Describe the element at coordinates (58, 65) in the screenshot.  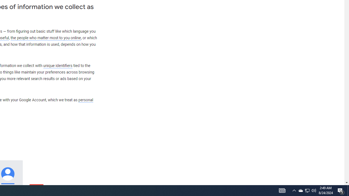
I see `'unique identifiers'` at that location.